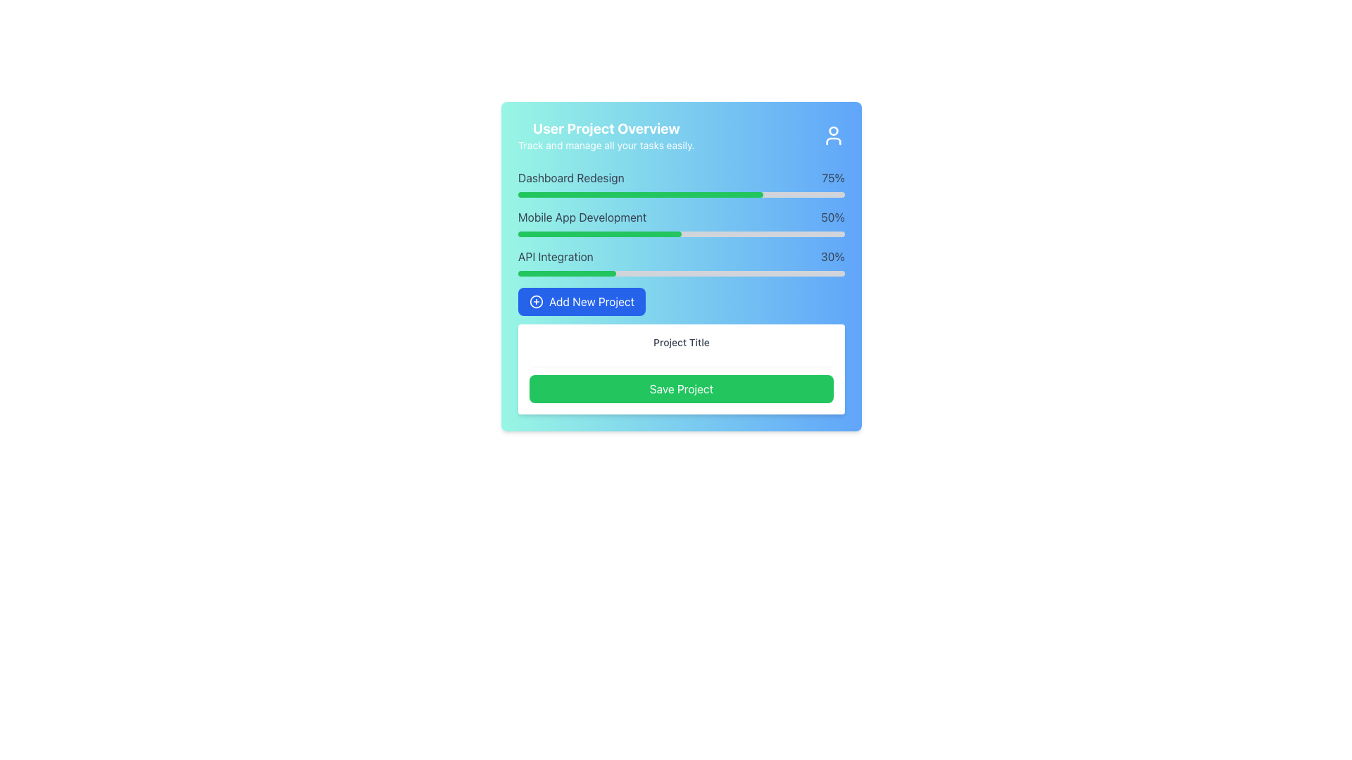 This screenshot has height=760, width=1352. I want to click on the small circular shape inside the user profile SVG icon located in the upper-right corner of the main interface, so click(834, 130).